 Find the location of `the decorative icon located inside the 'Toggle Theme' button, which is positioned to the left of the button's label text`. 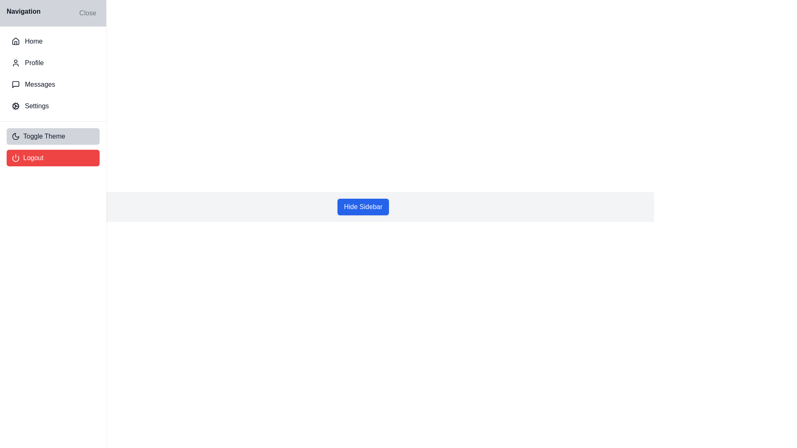

the decorative icon located inside the 'Toggle Theme' button, which is positioned to the left of the button's label text is located at coordinates (16, 136).